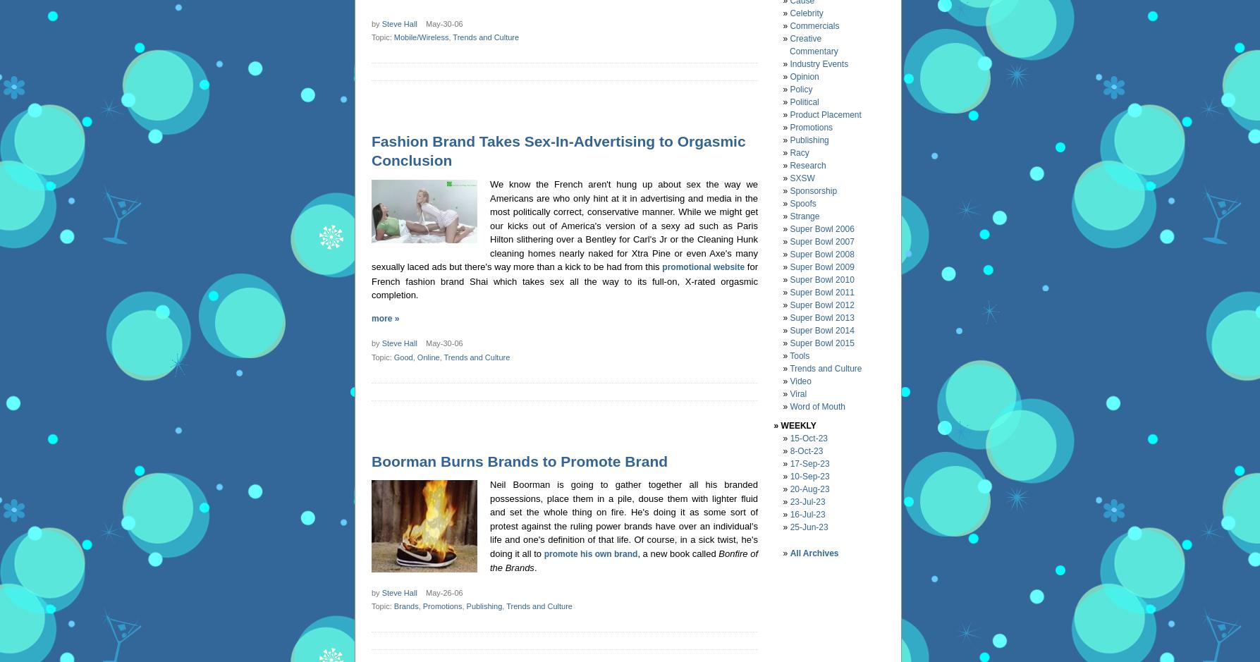  What do you see at coordinates (807, 164) in the screenshot?
I see `'Research'` at bounding box center [807, 164].